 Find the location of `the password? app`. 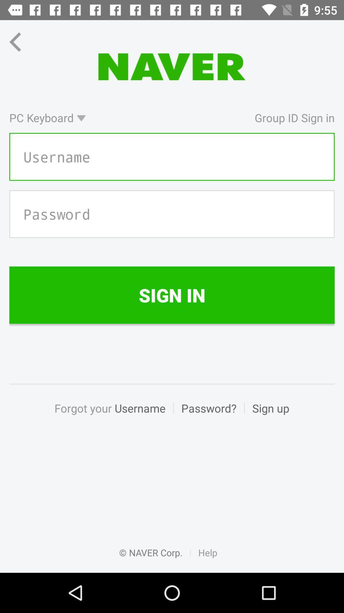

the password? app is located at coordinates (209, 415).